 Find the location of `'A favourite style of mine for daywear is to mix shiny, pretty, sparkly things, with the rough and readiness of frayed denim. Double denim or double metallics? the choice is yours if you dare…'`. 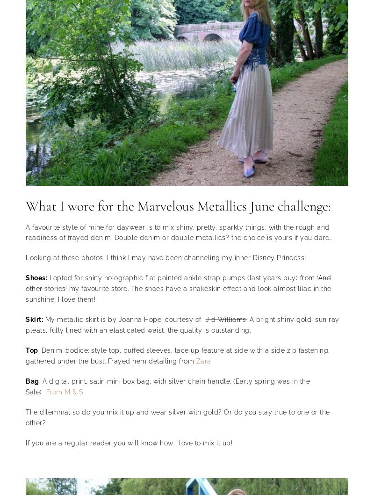

'A favourite style of mine for daywear is to mix shiny, pretty, sparkly things, with the rough and readiness of frayed denim. Double denim or double metallics? the choice is yours if you dare…' is located at coordinates (178, 232).